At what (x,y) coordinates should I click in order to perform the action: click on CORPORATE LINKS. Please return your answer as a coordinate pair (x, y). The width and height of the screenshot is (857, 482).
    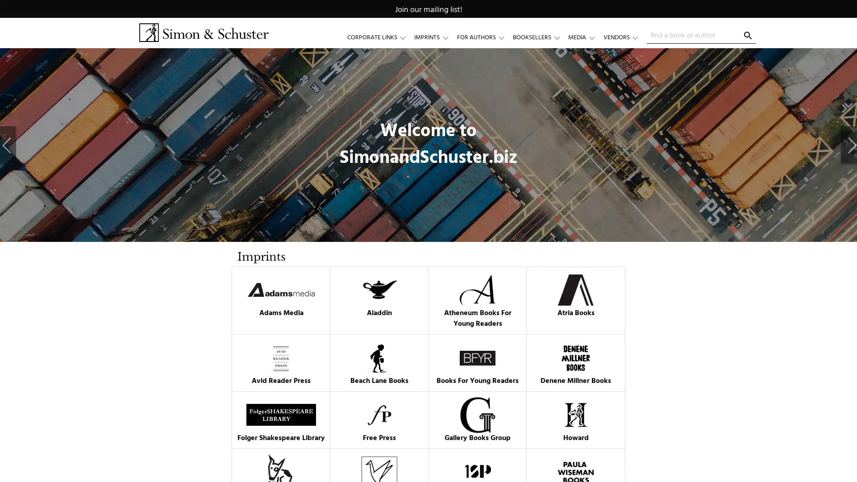
    Looking at the image, I should click on (380, 37).